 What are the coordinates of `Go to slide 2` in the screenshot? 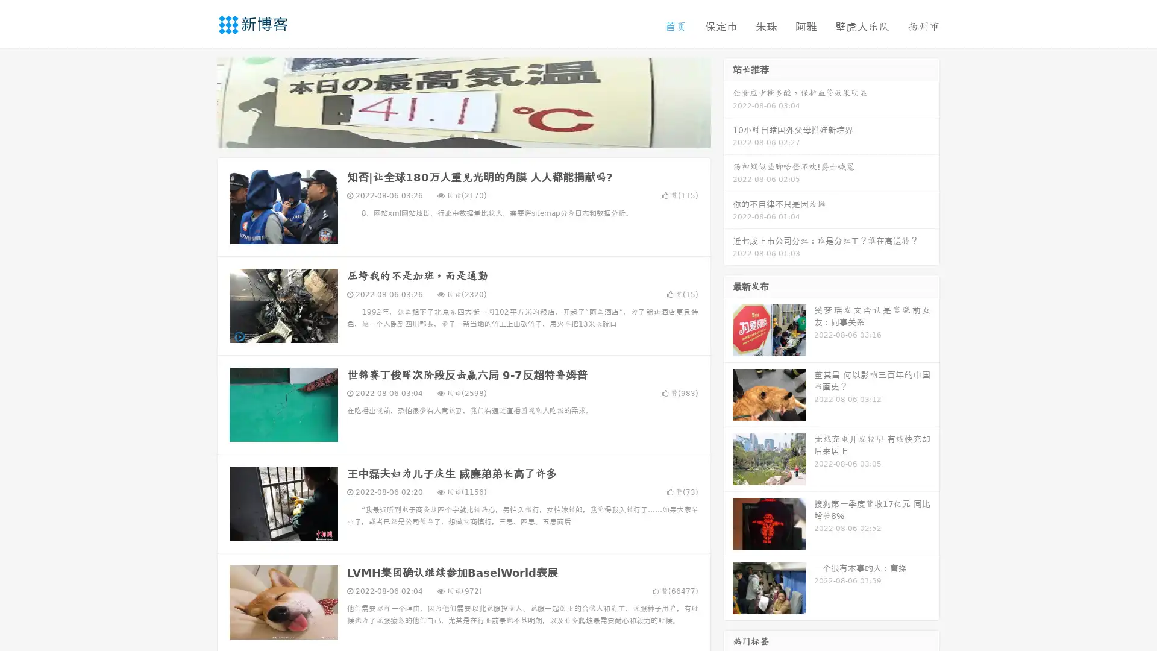 It's located at (463, 136).